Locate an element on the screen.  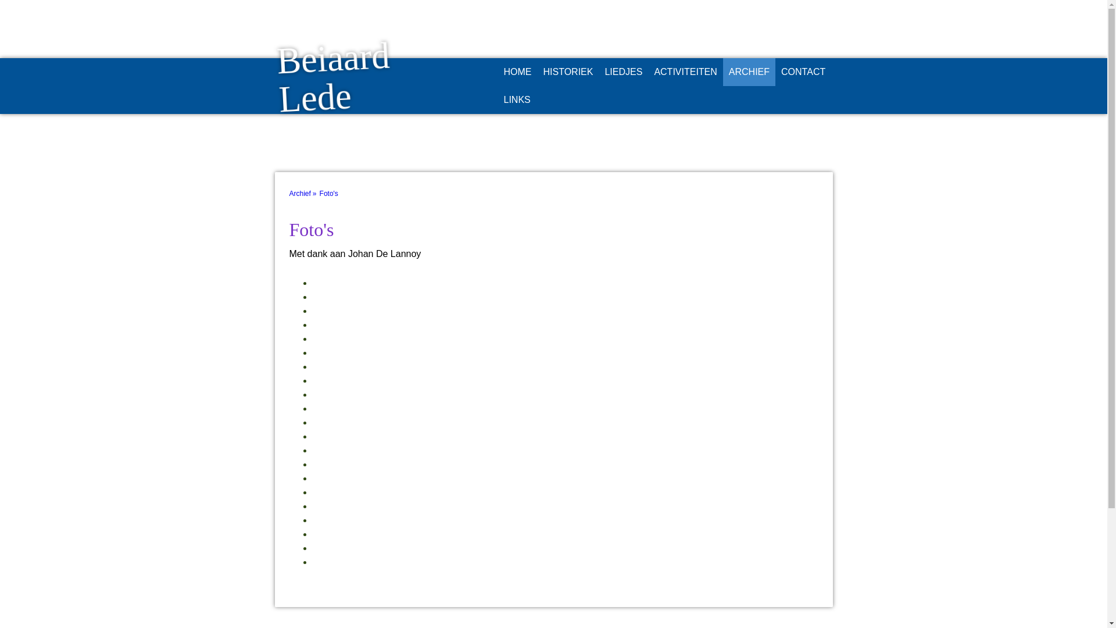
'LINKS' is located at coordinates (497, 99).